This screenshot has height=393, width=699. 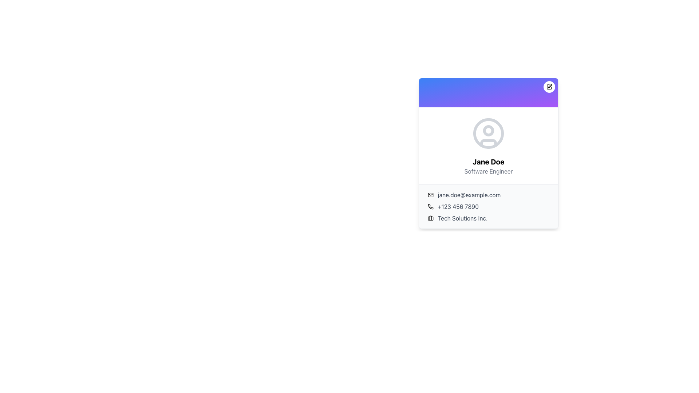 I want to click on the outermost circular SVG element with a 10-unit radius in the profile avatar section, styled in a grayish tone, so click(x=489, y=133).